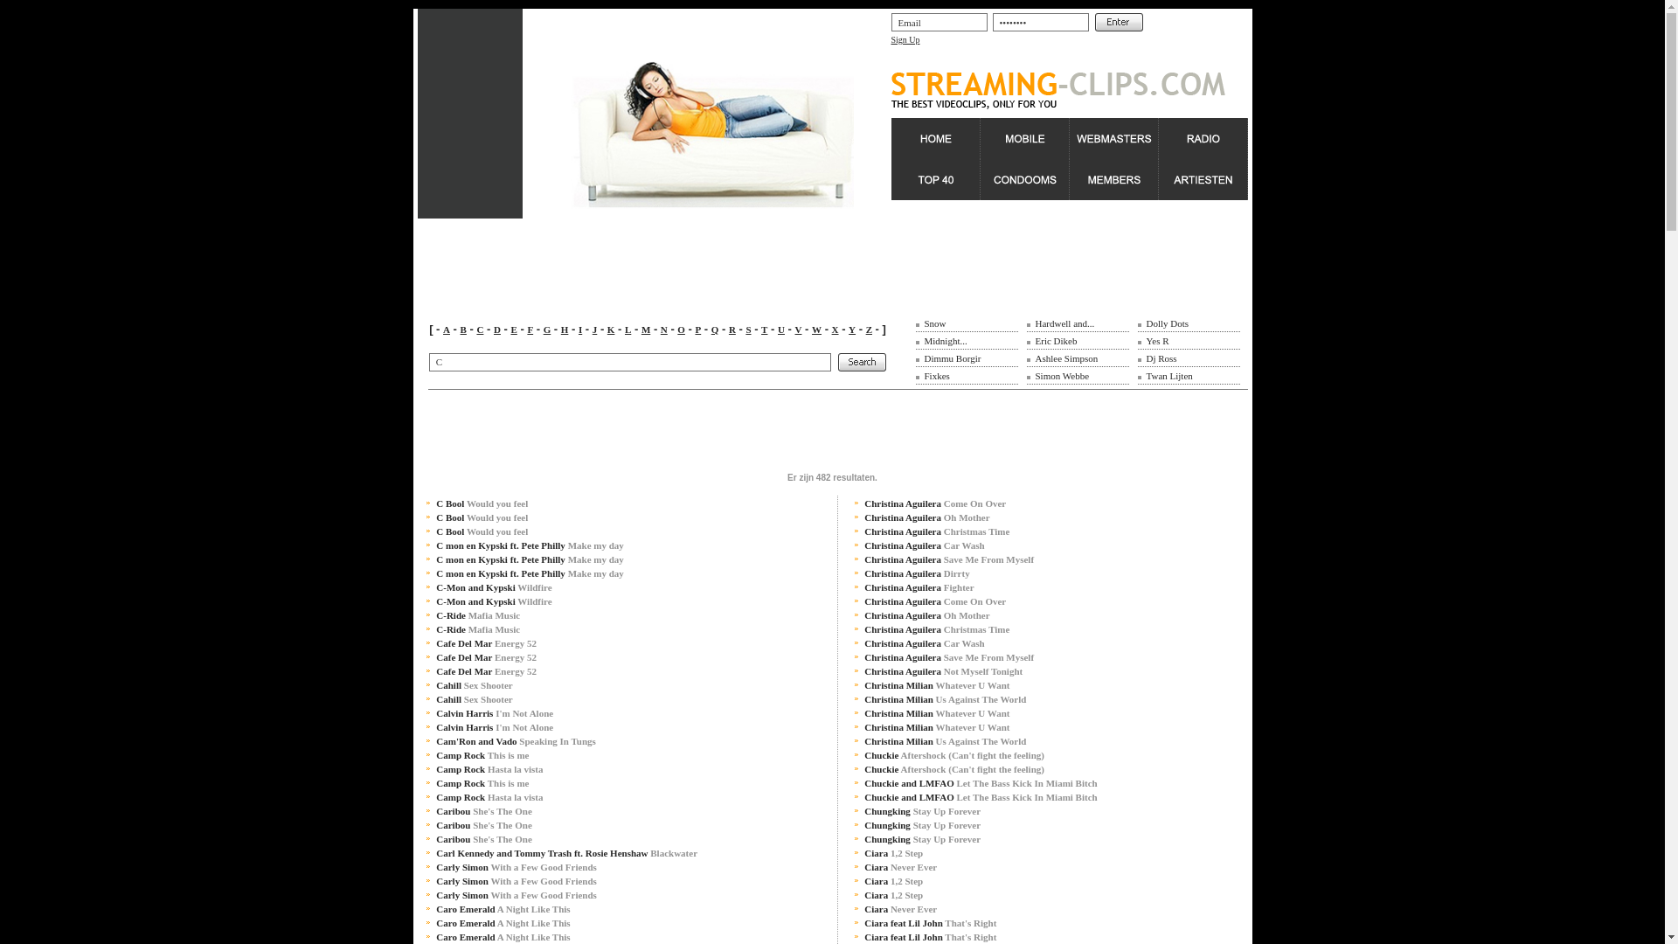 This screenshot has width=1678, height=944. I want to click on 'Ciara Never Ever', so click(900, 866).